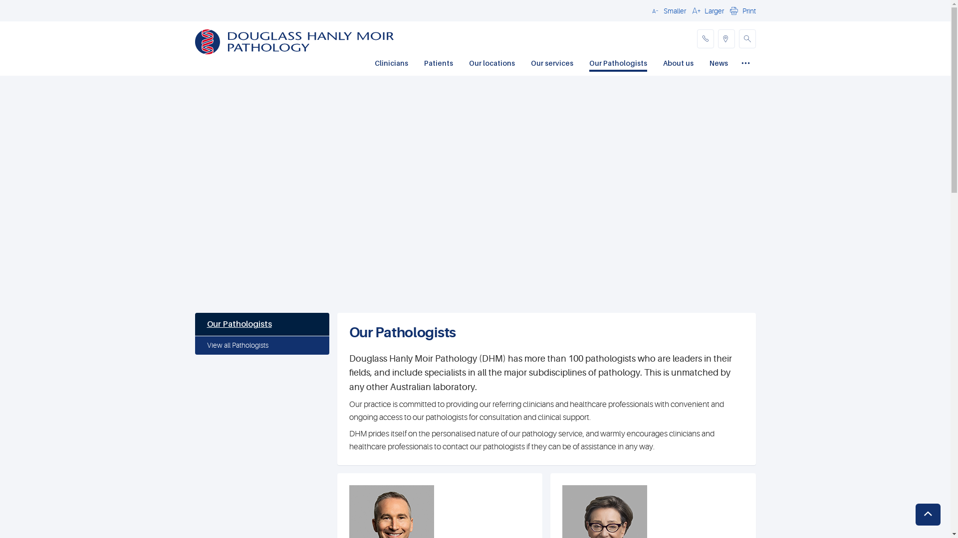 The height and width of the screenshot is (538, 958). Describe the element at coordinates (741, 10) in the screenshot. I see `'Print'` at that location.